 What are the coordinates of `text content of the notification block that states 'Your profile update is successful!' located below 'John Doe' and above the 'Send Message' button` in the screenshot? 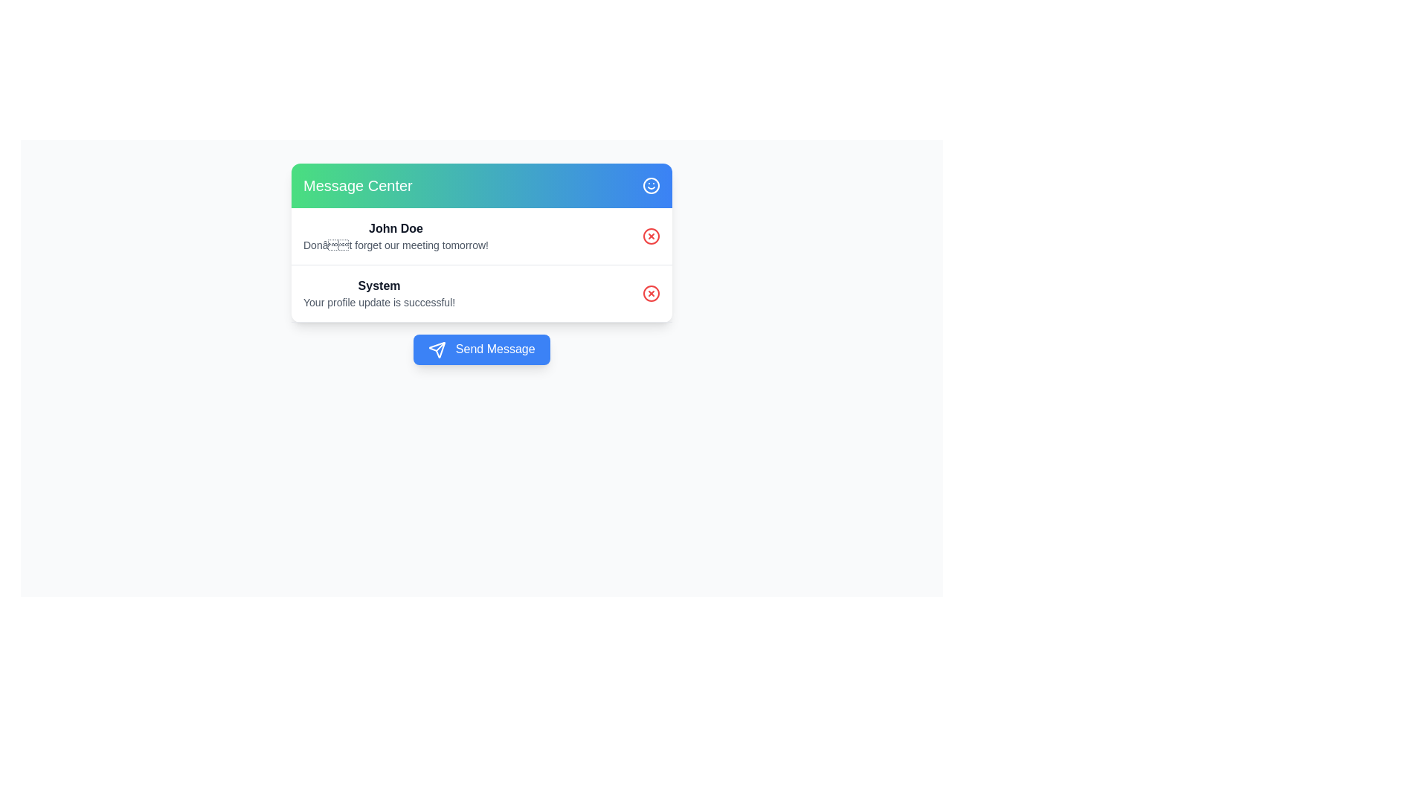 It's located at (379, 293).